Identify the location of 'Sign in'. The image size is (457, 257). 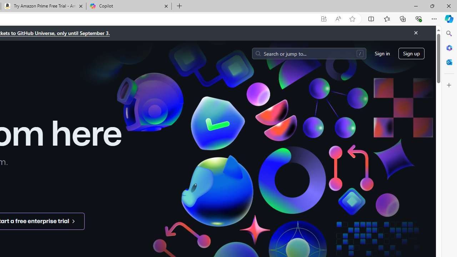
(382, 53).